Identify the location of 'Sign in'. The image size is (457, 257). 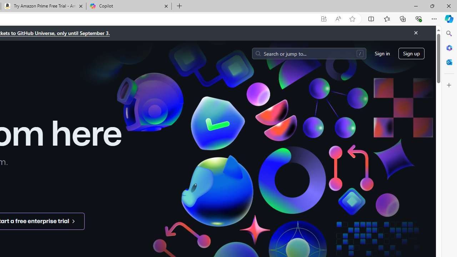
(382, 53).